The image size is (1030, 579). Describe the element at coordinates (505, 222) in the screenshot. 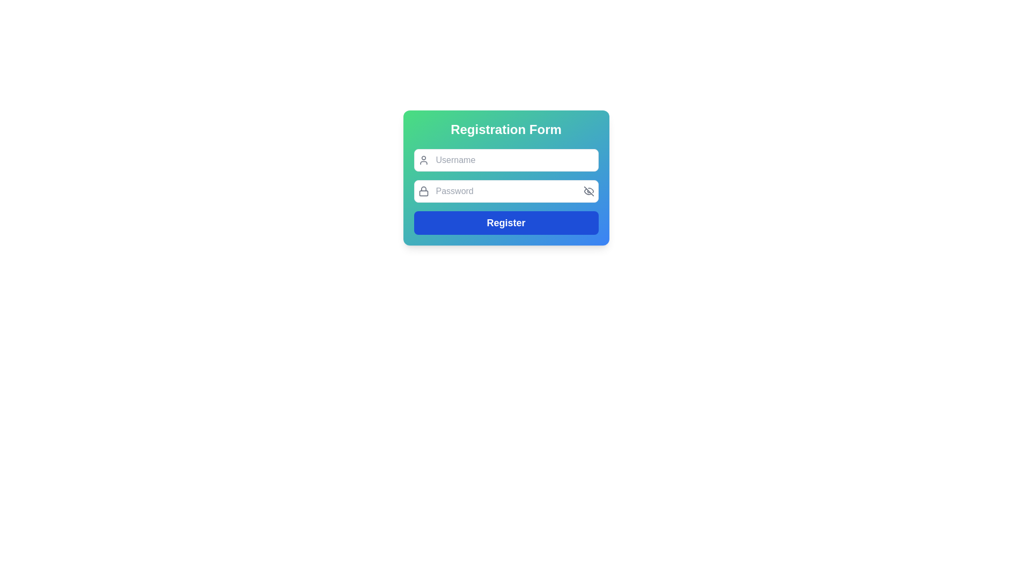

I see `the submission button located at the lower part of the registration form` at that location.